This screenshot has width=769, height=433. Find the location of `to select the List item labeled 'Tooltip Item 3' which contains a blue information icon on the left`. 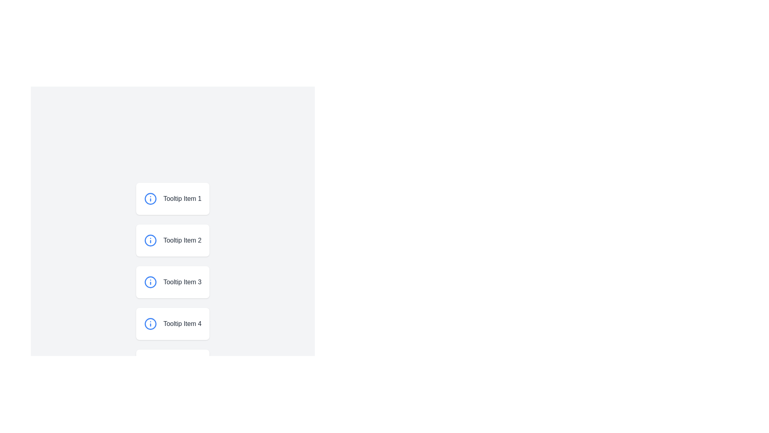

to select the List item labeled 'Tooltip Item 3' which contains a blue information icon on the left is located at coordinates (172, 282).